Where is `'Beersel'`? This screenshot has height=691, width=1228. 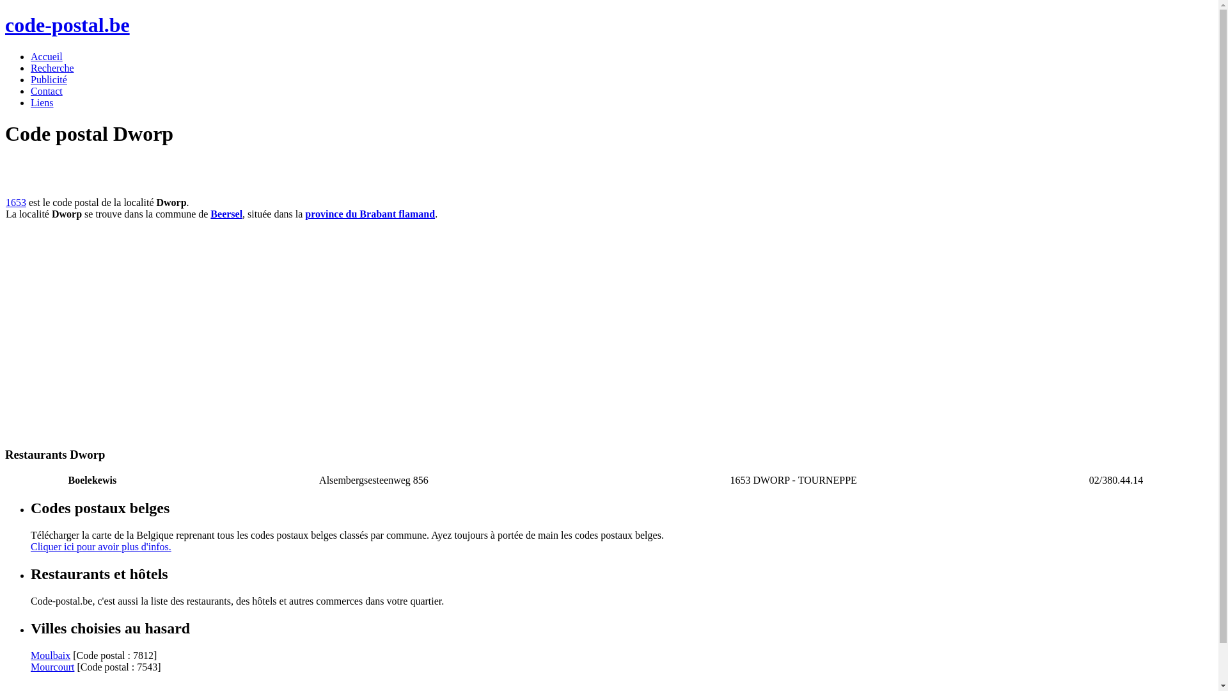
'Beersel' is located at coordinates (226, 213).